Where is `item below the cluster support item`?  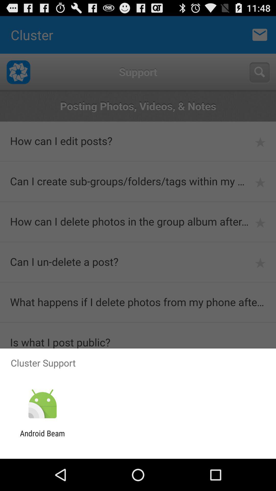 item below the cluster support item is located at coordinates (42, 404).